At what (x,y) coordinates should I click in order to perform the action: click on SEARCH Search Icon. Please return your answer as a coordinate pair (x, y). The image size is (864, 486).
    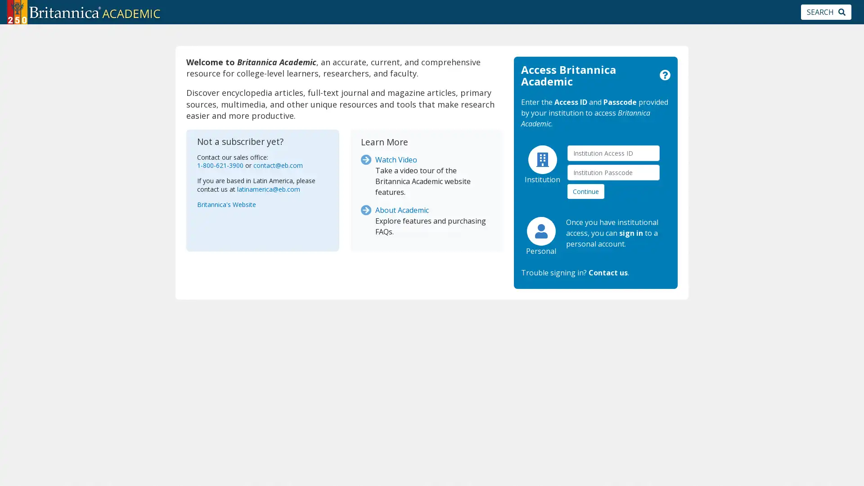
    Looking at the image, I should click on (826, 12).